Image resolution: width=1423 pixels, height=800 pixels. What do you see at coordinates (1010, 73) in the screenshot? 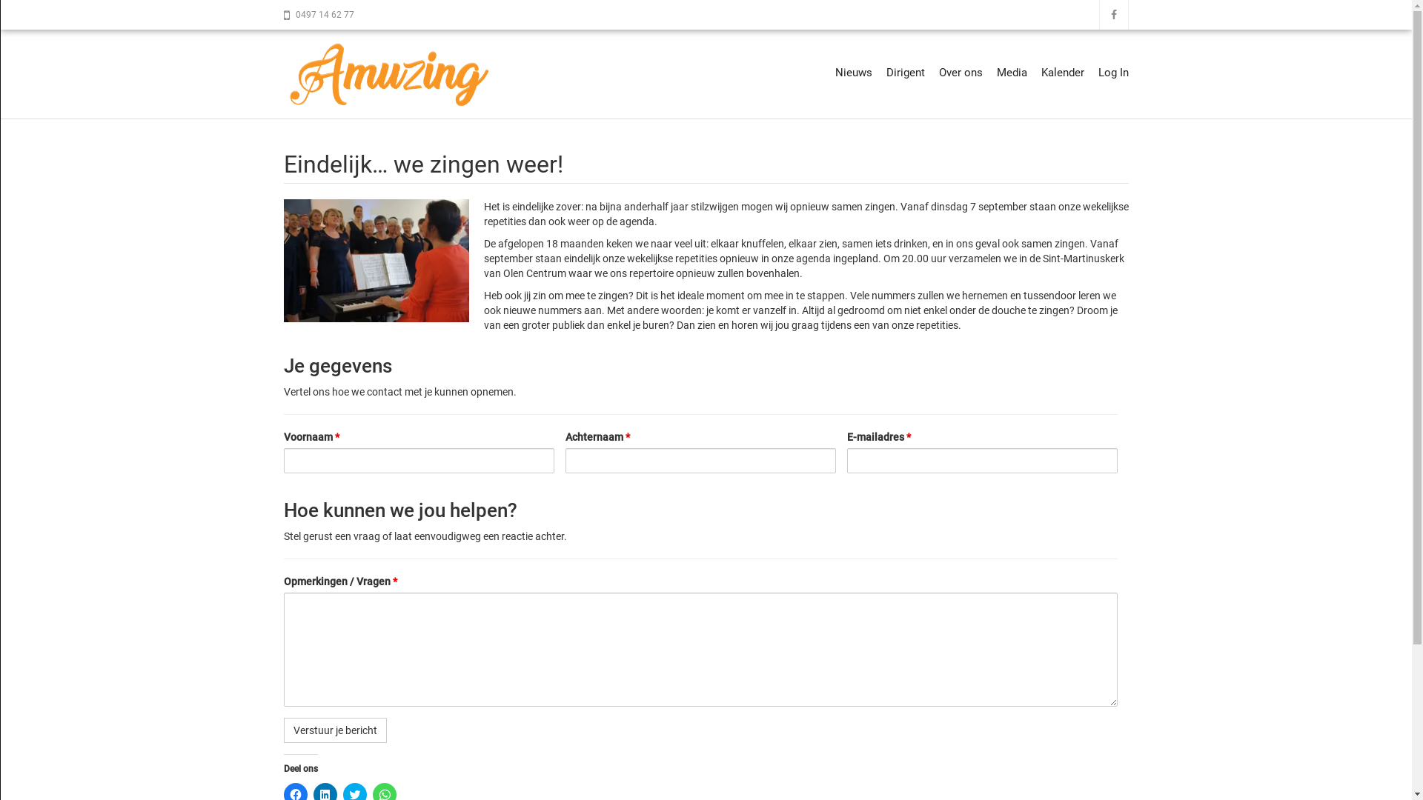
I see `'Media'` at bounding box center [1010, 73].